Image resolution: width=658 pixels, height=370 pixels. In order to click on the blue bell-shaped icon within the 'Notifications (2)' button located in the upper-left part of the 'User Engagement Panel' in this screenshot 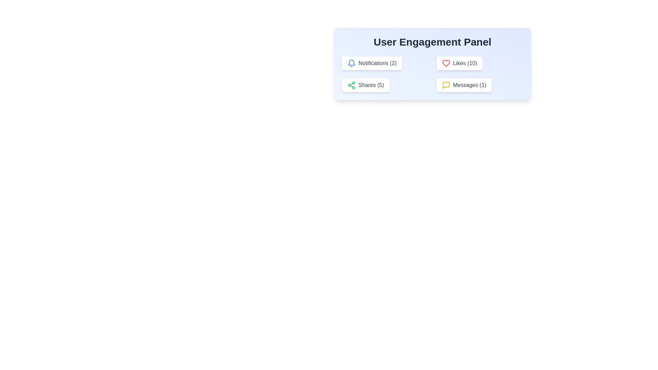, I will do `click(352, 63)`.